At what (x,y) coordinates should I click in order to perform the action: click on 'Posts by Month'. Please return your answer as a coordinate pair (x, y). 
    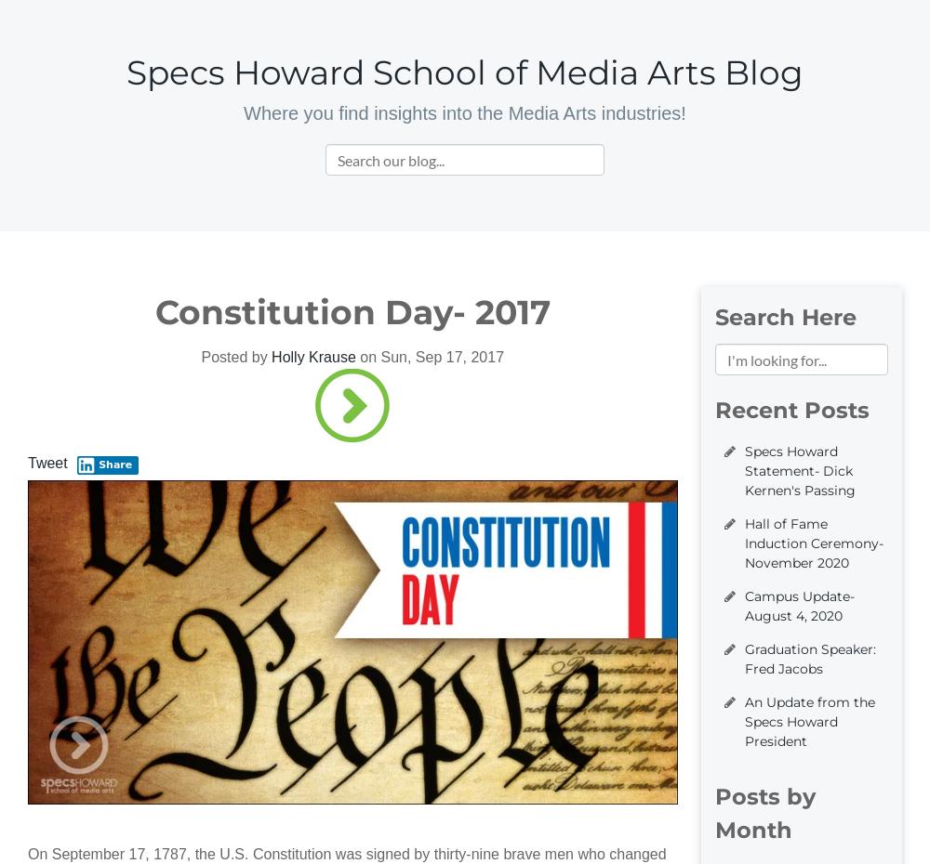
    Looking at the image, I should click on (715, 813).